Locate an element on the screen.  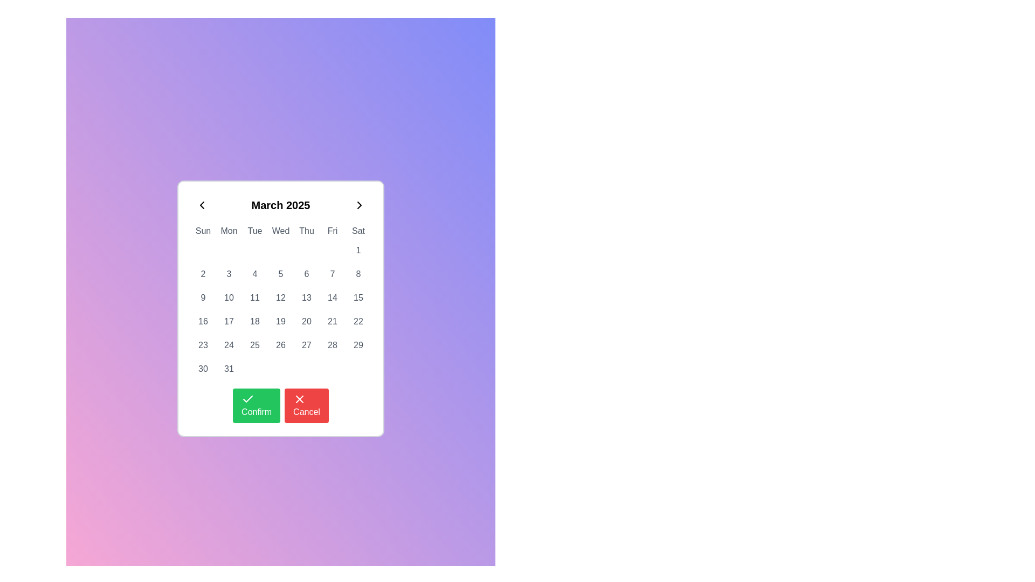
the rounded rectangle button displaying the number '8' in the sixth row and seventh column of the calendar grid is located at coordinates (358, 274).